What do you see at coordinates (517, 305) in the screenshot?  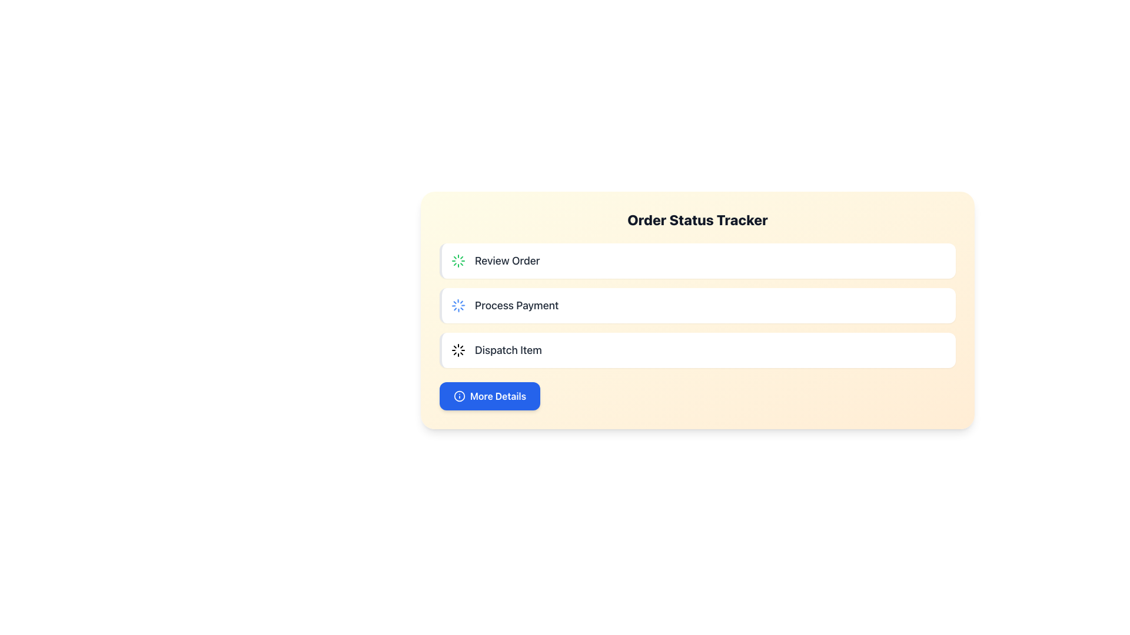 I see `the Text Label that indicates the action of processing a payment, positioned centrally below the 'Review Order' step and above the 'Dispatch Item' step in the process tracker` at bounding box center [517, 305].